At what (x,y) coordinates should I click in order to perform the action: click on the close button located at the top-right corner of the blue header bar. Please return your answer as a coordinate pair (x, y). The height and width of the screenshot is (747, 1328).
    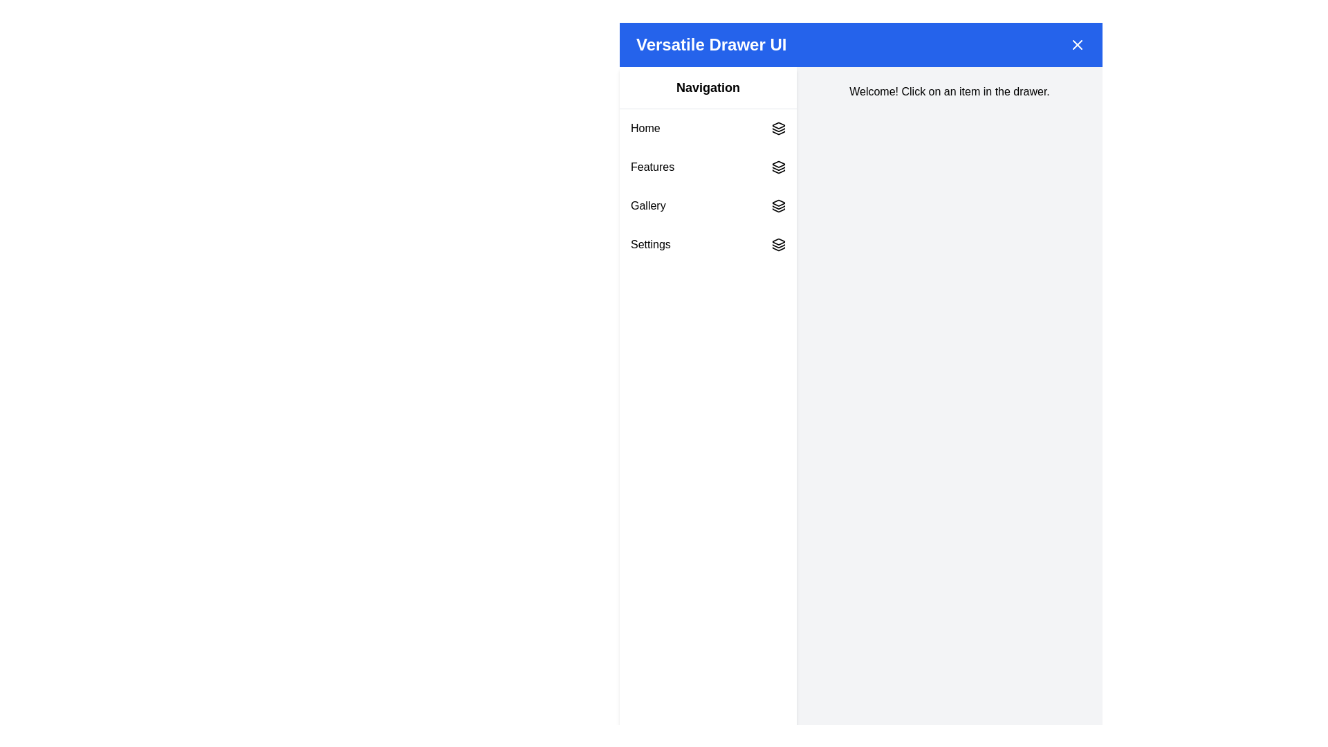
    Looking at the image, I should click on (1077, 44).